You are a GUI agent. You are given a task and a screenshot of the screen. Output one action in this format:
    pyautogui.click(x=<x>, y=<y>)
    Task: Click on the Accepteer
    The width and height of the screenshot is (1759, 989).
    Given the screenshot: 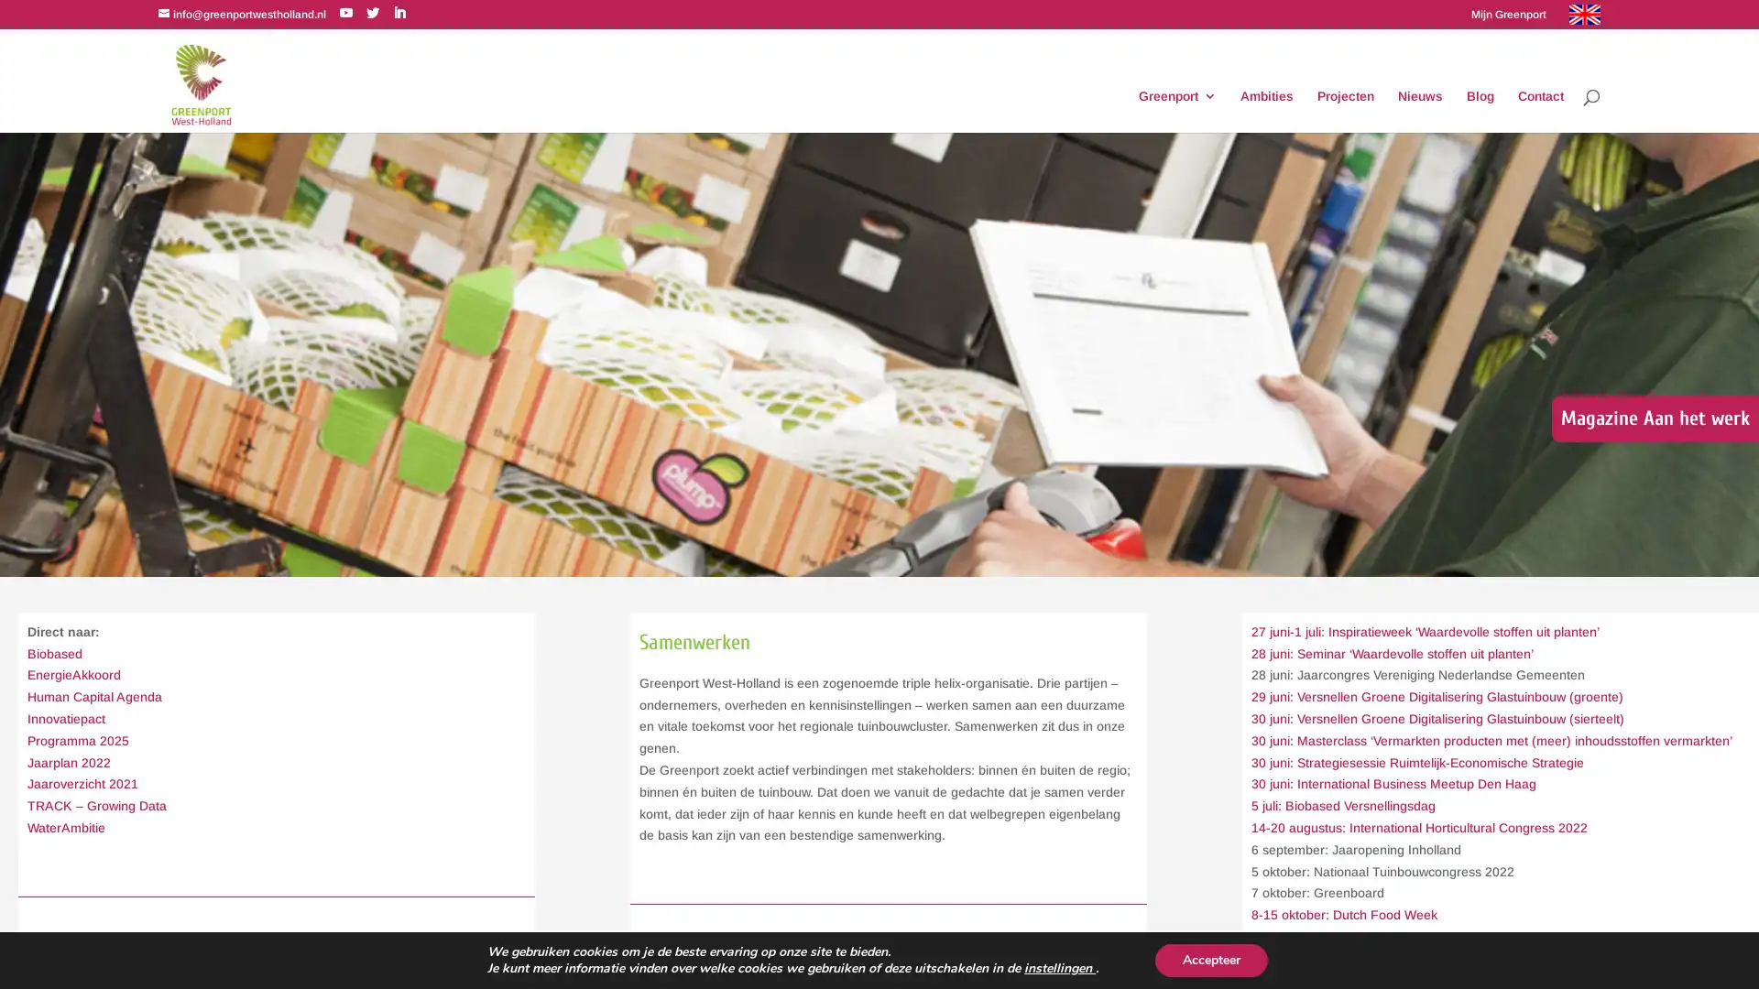 What is the action you would take?
    pyautogui.click(x=1210, y=960)
    